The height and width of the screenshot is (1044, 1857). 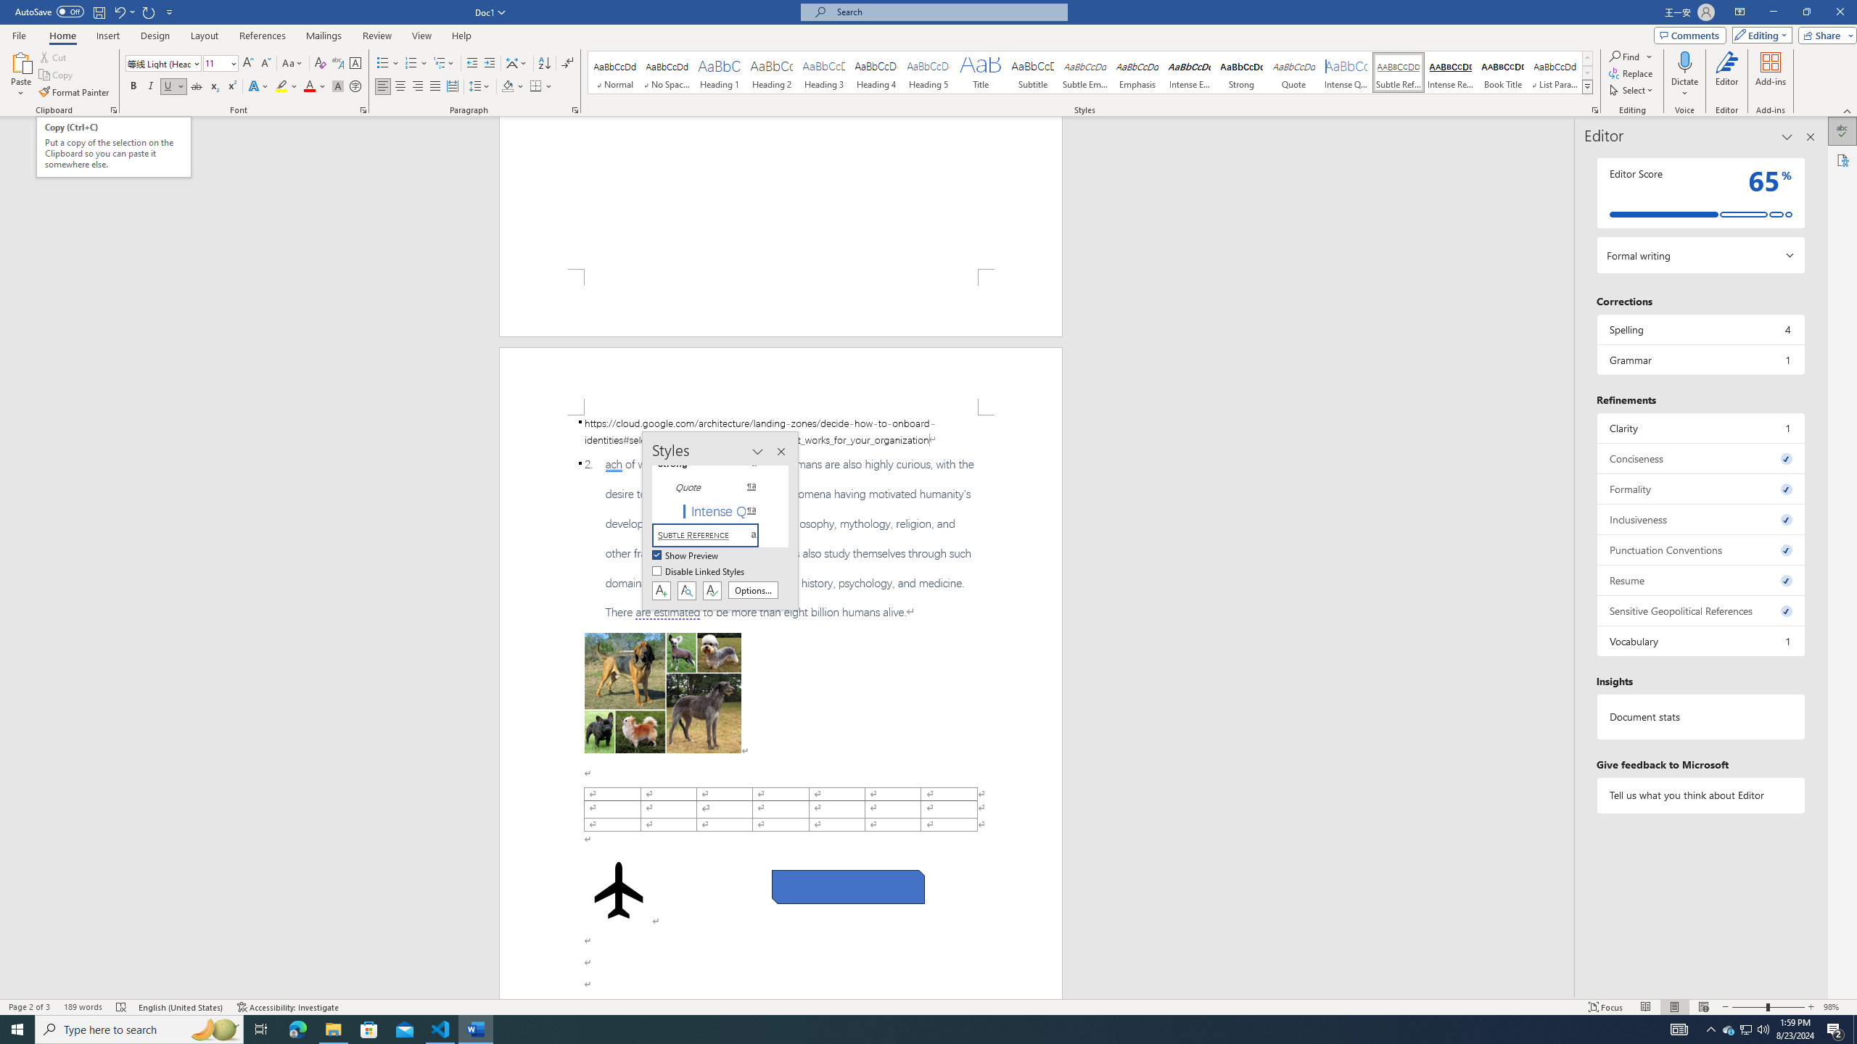 I want to click on 'Rectangle: Diagonal Corners Snipped 2', so click(x=848, y=886).